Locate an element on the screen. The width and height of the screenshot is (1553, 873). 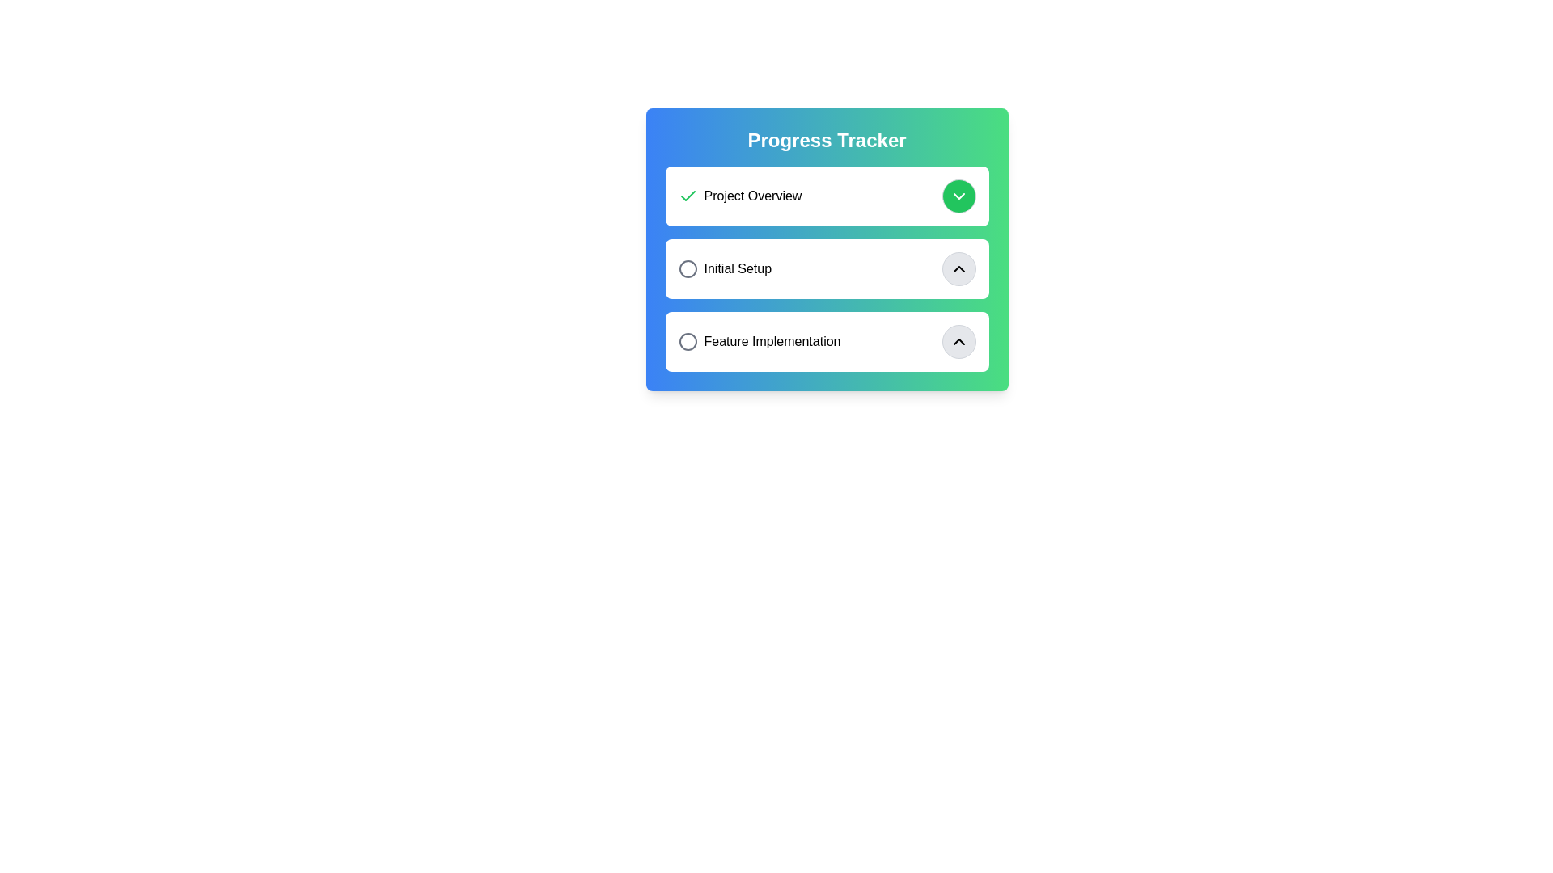
text displayed in the Text Label that serves as a section heading or denotes a completed step in the multi-step progress tracker, positioned at the top of the list with an icon to its left is located at coordinates (738, 196).